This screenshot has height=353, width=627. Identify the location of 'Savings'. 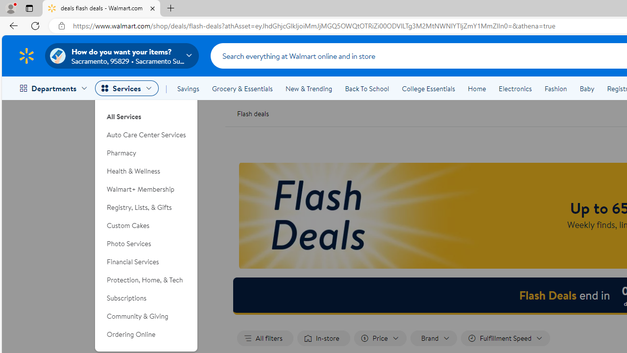
(188, 89).